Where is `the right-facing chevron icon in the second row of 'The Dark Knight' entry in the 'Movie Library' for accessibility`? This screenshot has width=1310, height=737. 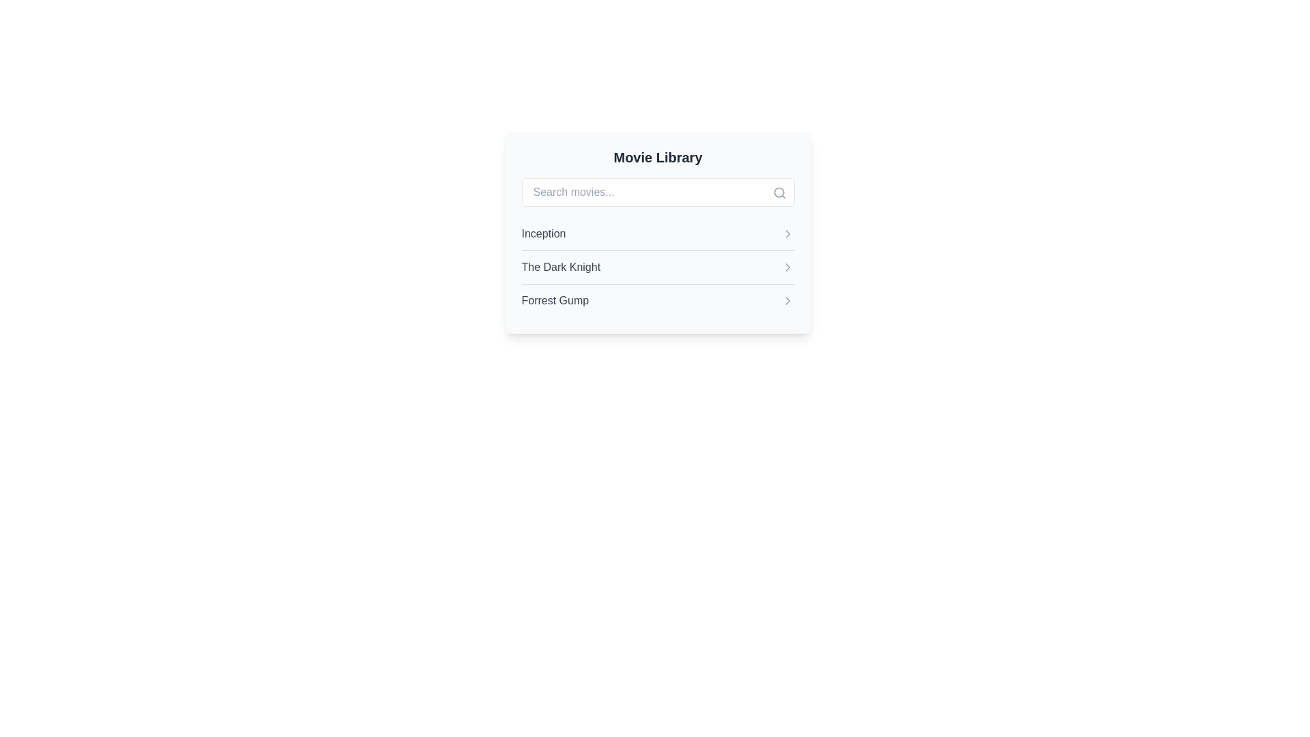
the right-facing chevron icon in the second row of 'The Dark Knight' entry in the 'Movie Library' for accessibility is located at coordinates (787, 268).